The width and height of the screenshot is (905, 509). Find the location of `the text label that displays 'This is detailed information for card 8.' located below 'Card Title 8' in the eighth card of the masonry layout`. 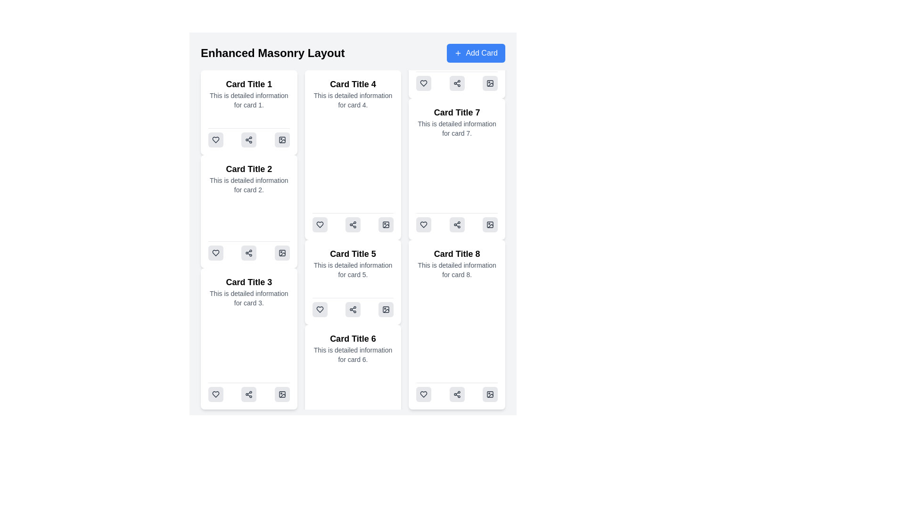

the text label that displays 'This is detailed information for card 8.' located below 'Card Title 8' in the eighth card of the masonry layout is located at coordinates (457, 270).